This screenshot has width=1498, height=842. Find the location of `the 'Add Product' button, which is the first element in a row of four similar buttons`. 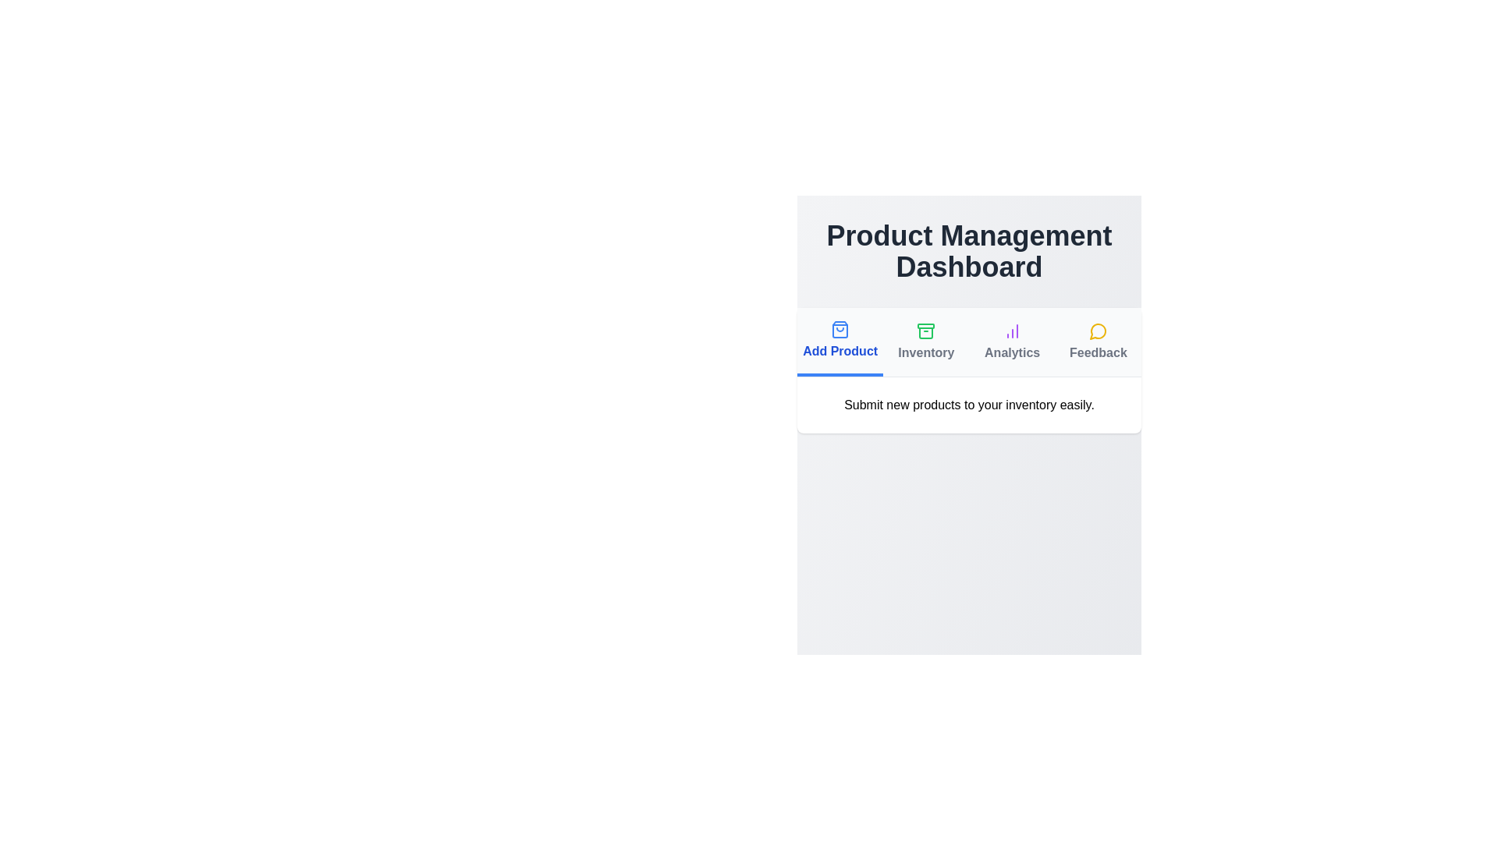

the 'Add Product' button, which is the first element in a row of four similar buttons is located at coordinates (840, 339).